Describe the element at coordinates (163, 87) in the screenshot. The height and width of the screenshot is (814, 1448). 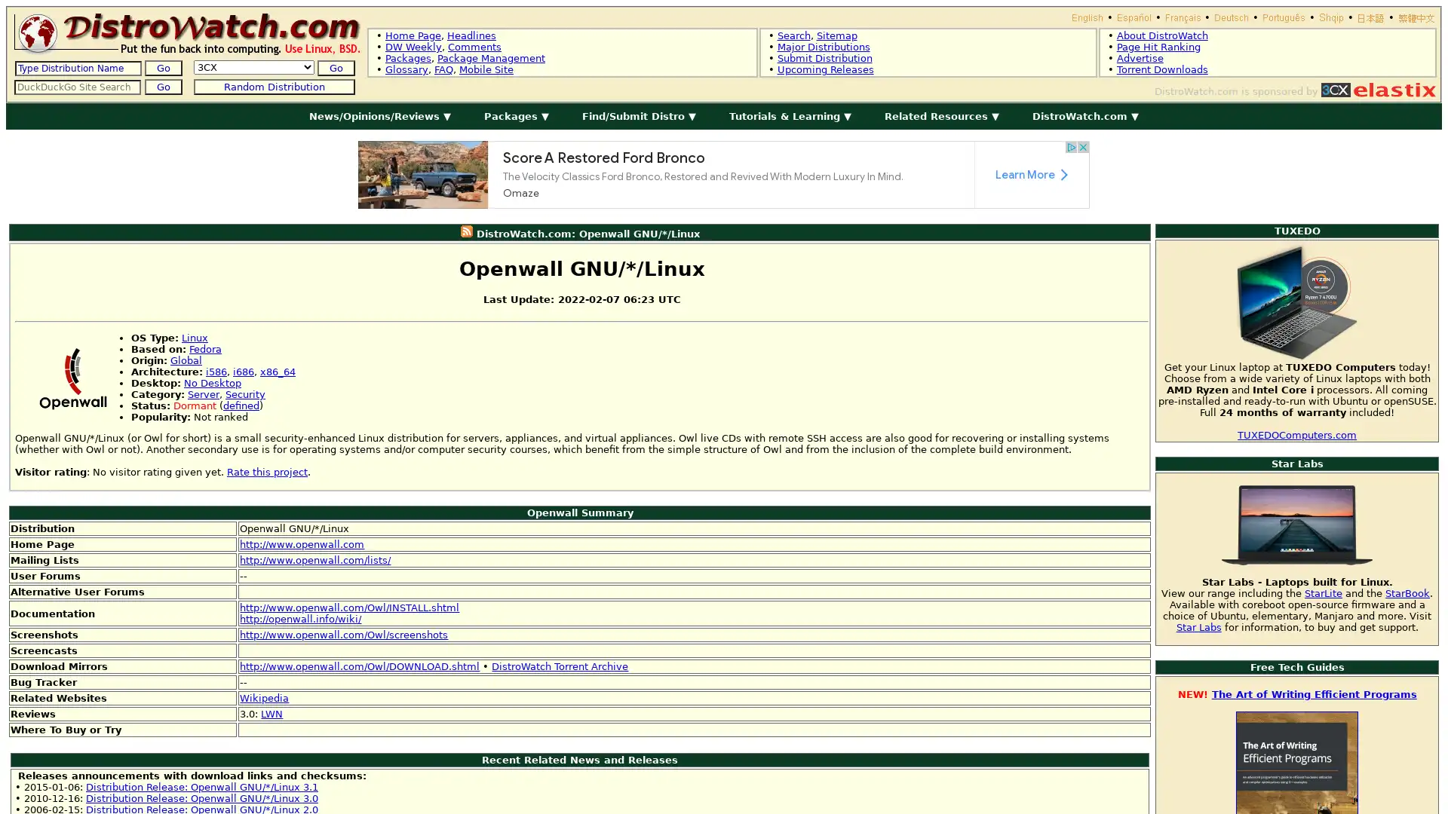
I see `Go` at that location.